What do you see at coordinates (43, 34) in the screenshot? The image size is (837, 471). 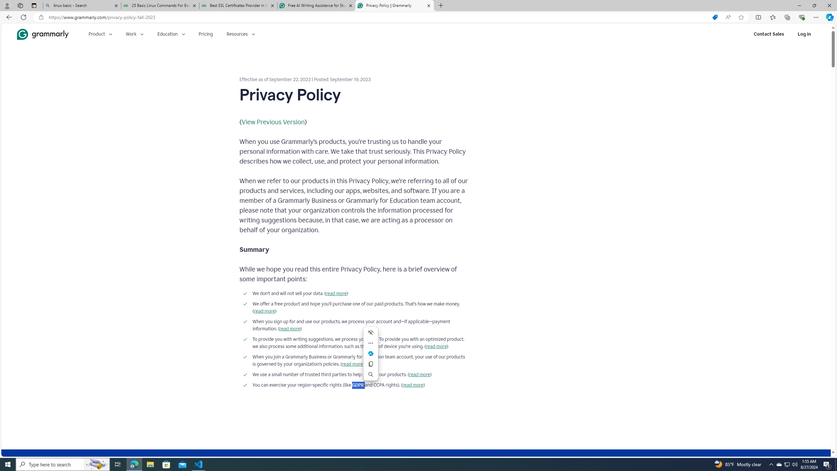 I see `'Grammarly Home'` at bounding box center [43, 34].